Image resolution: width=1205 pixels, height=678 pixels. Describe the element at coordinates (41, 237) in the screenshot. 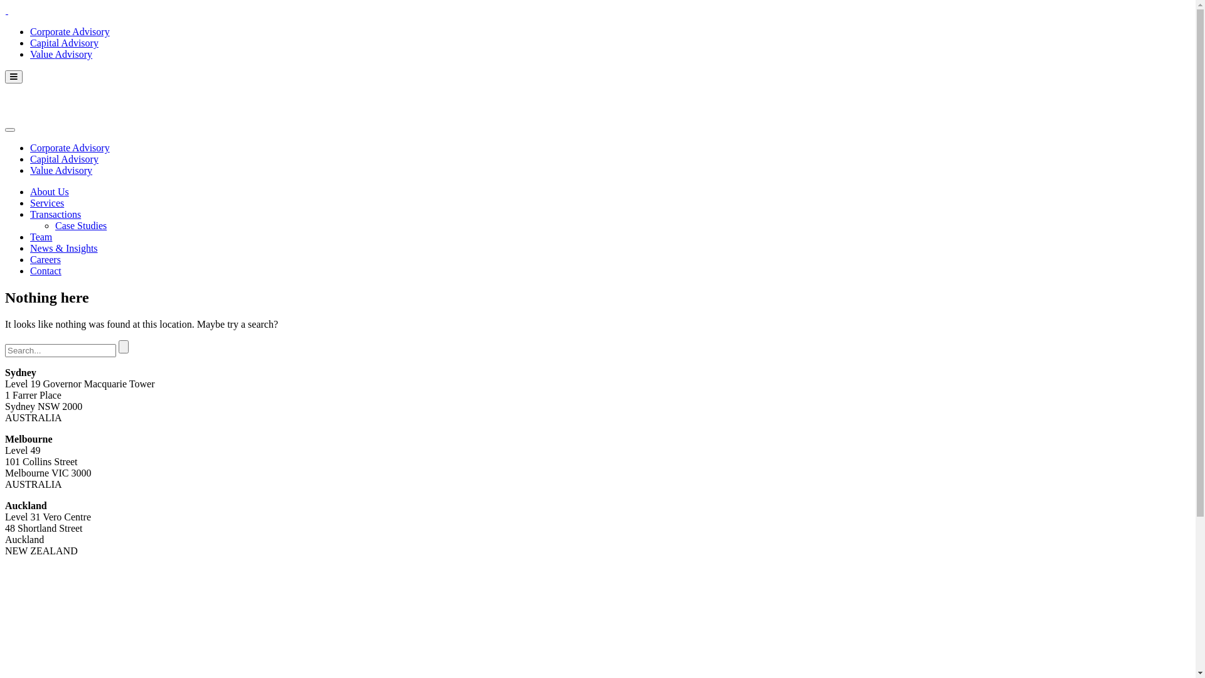

I see `'Team'` at that location.